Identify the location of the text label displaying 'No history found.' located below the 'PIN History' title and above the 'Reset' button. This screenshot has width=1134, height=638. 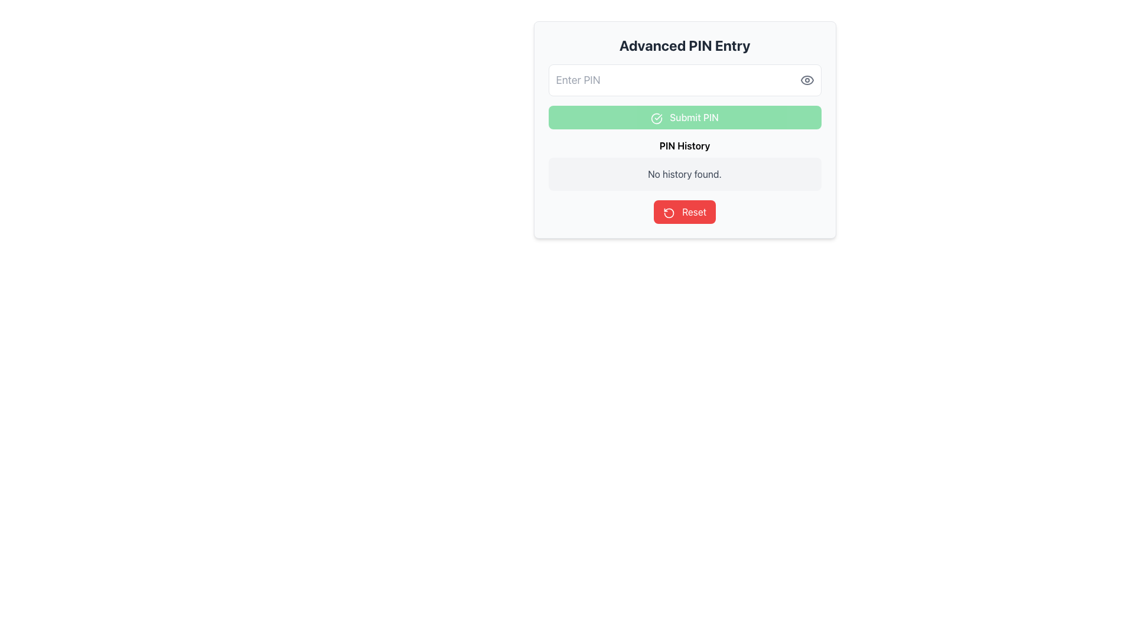
(685, 174).